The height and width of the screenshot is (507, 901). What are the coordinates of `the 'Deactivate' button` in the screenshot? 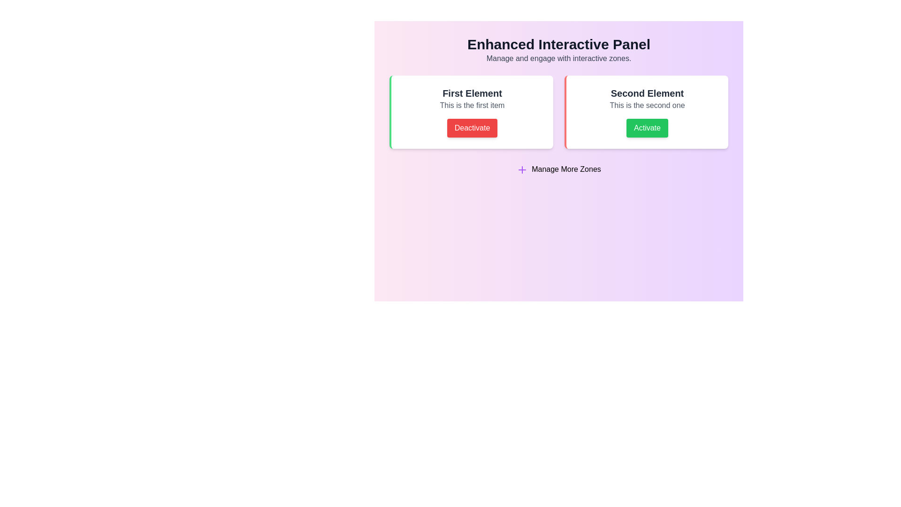 It's located at (472, 128).